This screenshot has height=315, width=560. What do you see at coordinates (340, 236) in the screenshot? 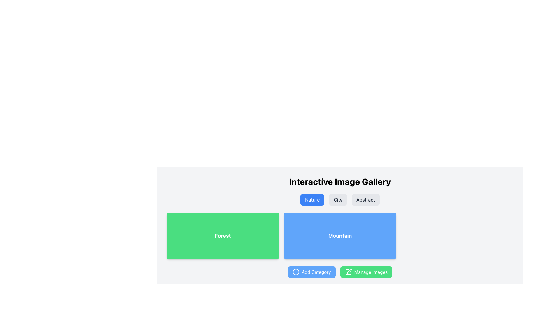
I see `the category card related to mountains, which is the second card in a row of two cards` at bounding box center [340, 236].